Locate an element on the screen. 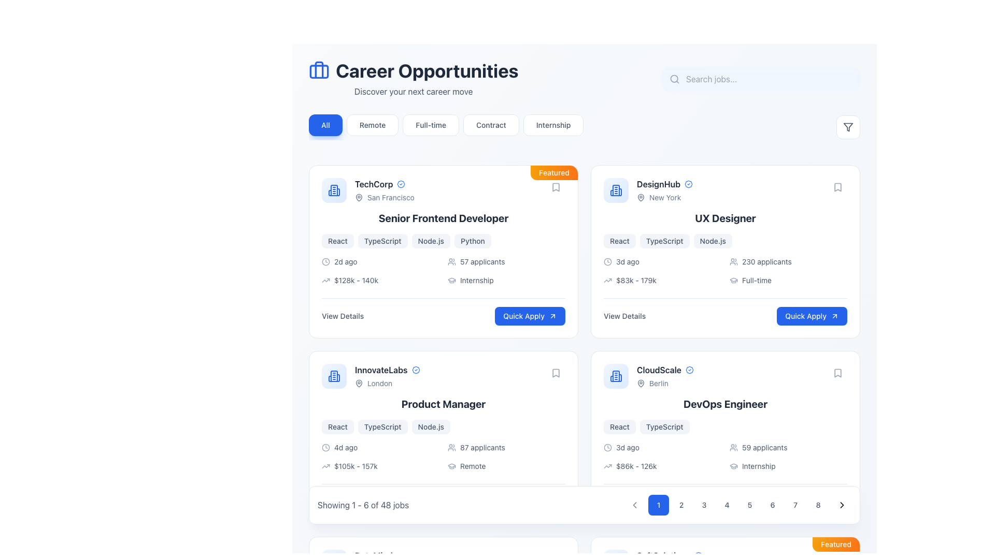  the vertical rectangular shape with softly rounded corners, which is part of the briefcase icon, located above the title text 'Career Opportunities' is located at coordinates (318, 70).